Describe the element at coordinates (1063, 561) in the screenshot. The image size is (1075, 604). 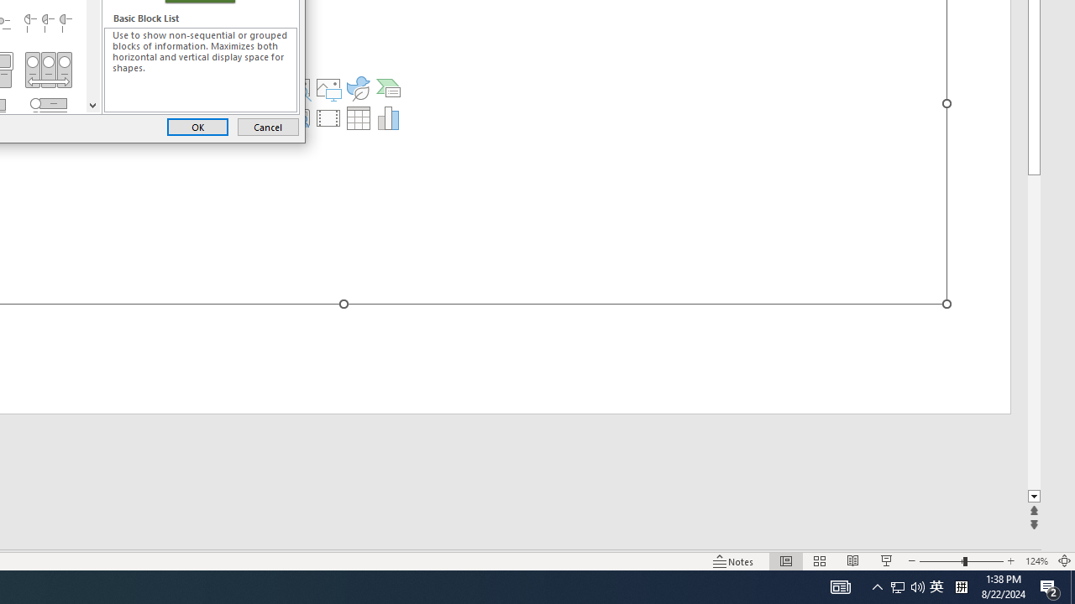
I see `'Zoom to Fit '` at that location.